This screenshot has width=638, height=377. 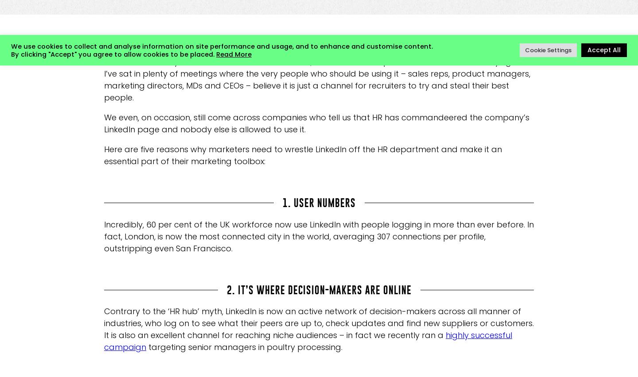 I want to click on 'Here are five reasons why marketers need to wrestle LinkedIn off the HR department and make it an essential part of their marketing toolbox:', so click(x=303, y=155).